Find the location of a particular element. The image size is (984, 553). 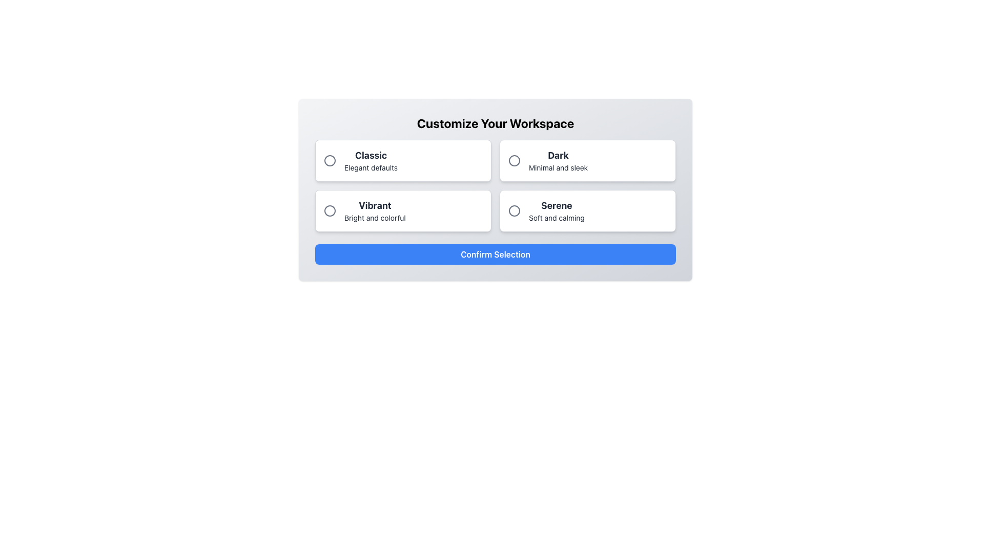

the Text Label displaying 'Dark', which is styled in bold and large font, located in the second option of a grid of theme options, above 'Minimal and sleek' is located at coordinates (558, 156).